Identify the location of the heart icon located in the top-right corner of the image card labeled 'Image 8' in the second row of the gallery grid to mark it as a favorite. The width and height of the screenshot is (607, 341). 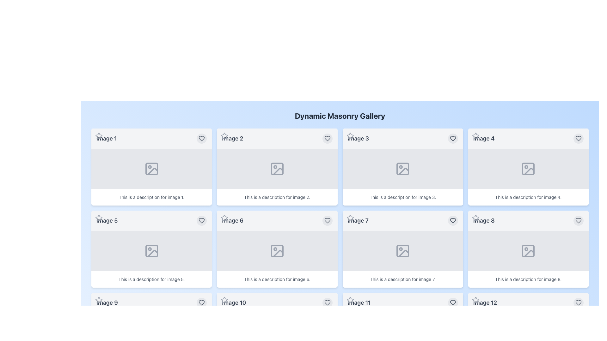
(452, 302).